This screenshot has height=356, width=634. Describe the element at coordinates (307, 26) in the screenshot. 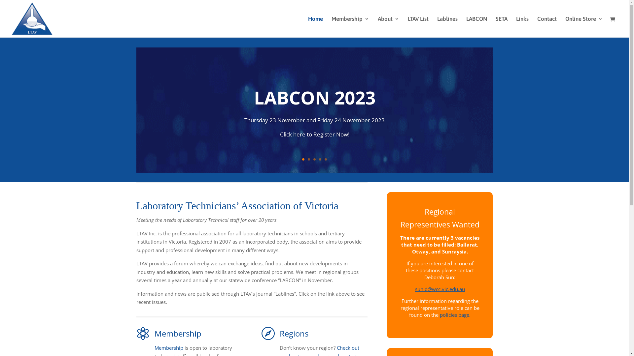

I see `'Home'` at that location.